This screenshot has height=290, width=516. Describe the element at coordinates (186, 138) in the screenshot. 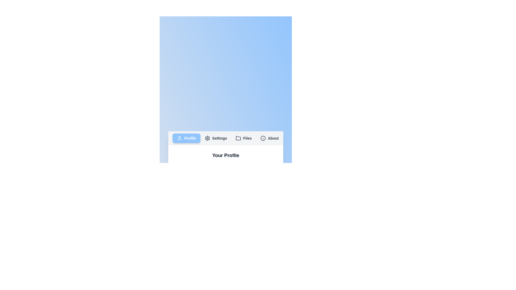

I see `the 'Profile' button` at that location.